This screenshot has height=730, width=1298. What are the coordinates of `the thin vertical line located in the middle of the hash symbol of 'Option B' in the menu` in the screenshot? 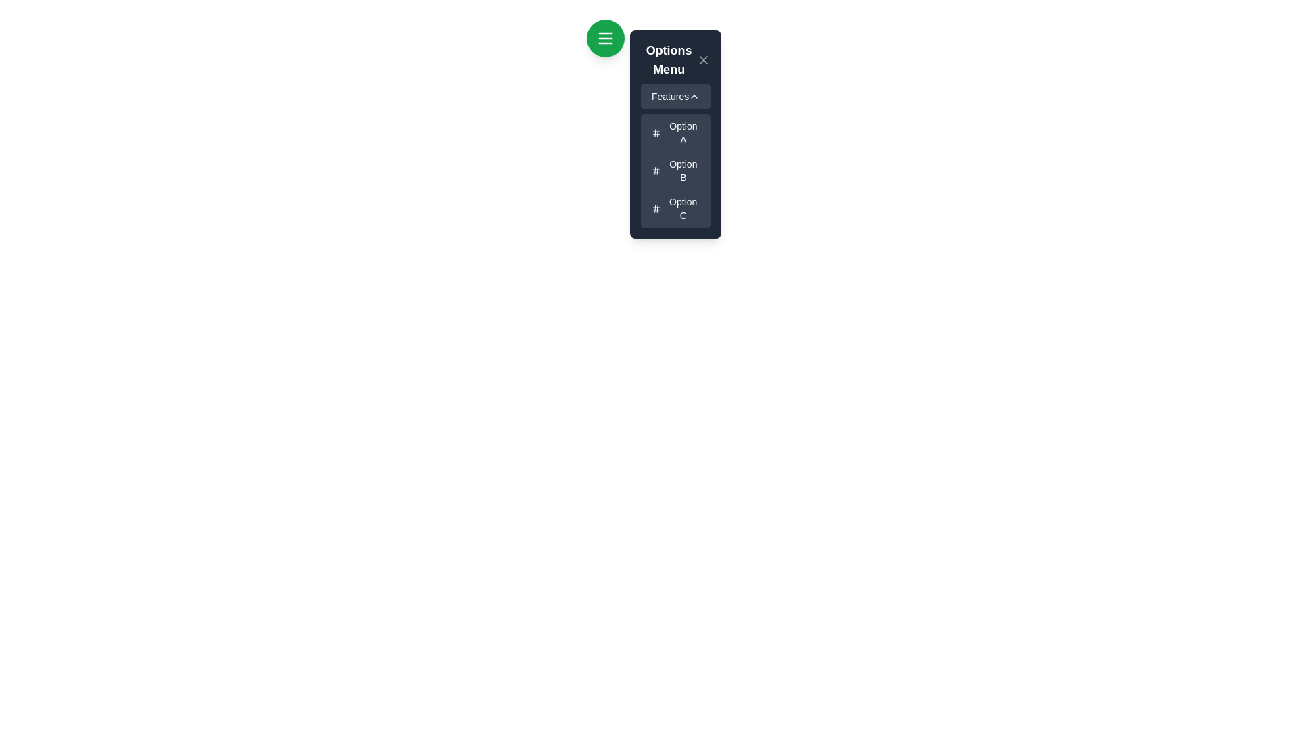 It's located at (655, 170).